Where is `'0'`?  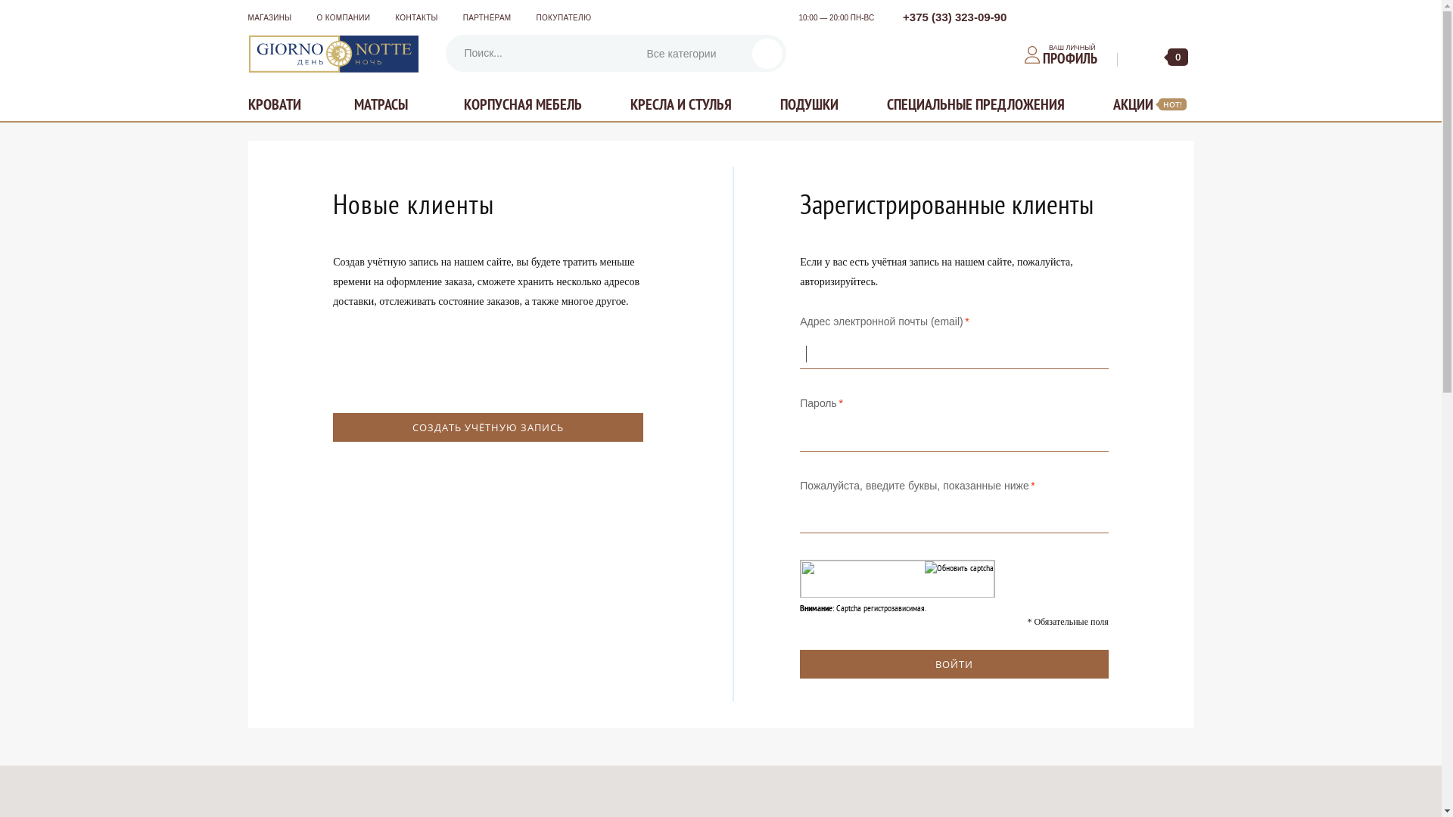 '0' is located at coordinates (1165, 57).